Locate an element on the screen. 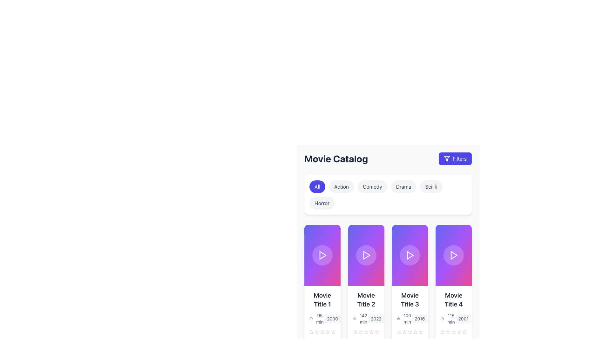 This screenshot has height=343, width=610. the first interactive star rating icon to assign a one-star rating for 'Movie Title 4' is located at coordinates (442, 332).